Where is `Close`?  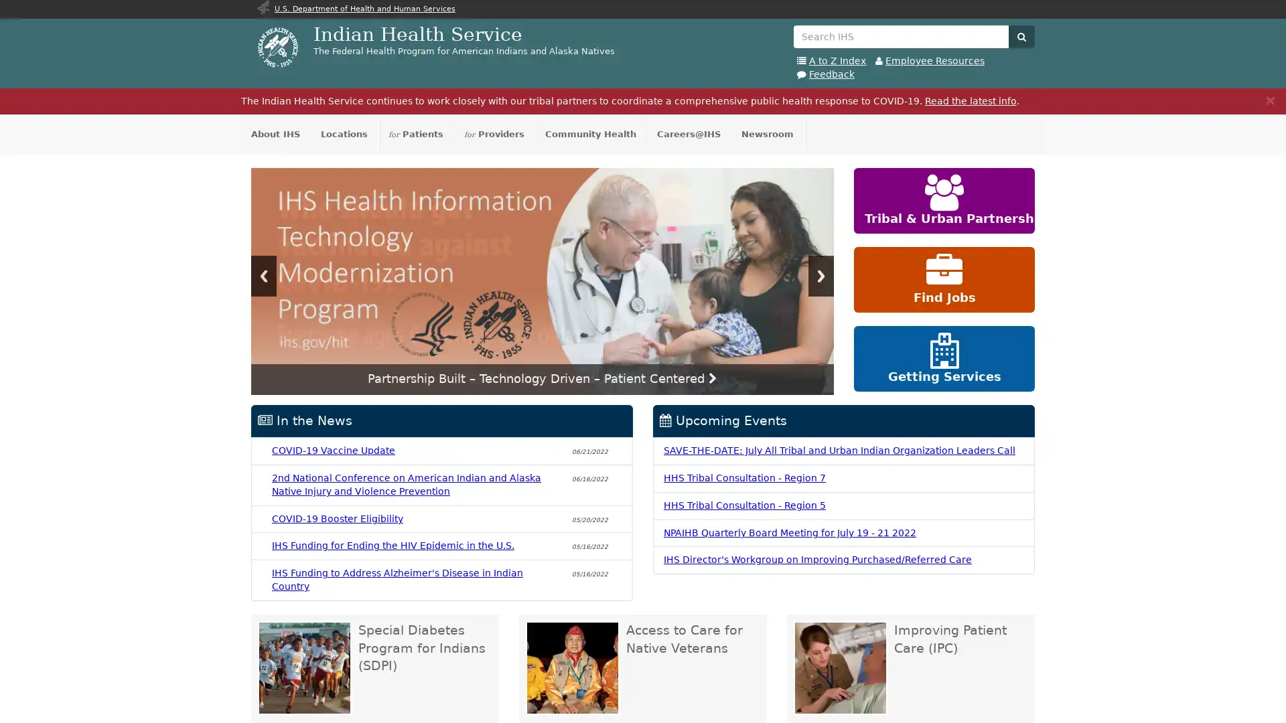
Close is located at coordinates (1269, 99).